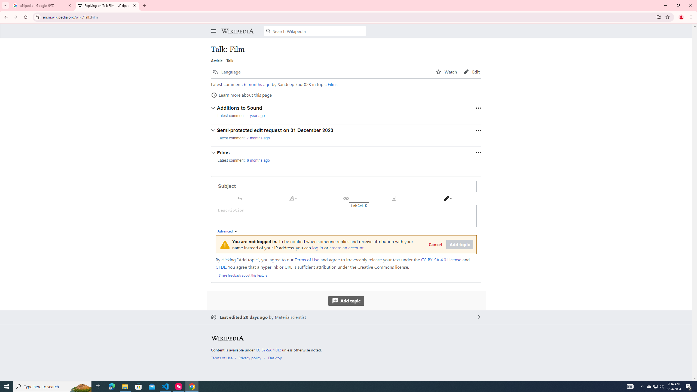 The image size is (697, 392). Describe the element at coordinates (471, 72) in the screenshot. I see `'AutomationID: page-actions-edit'` at that location.